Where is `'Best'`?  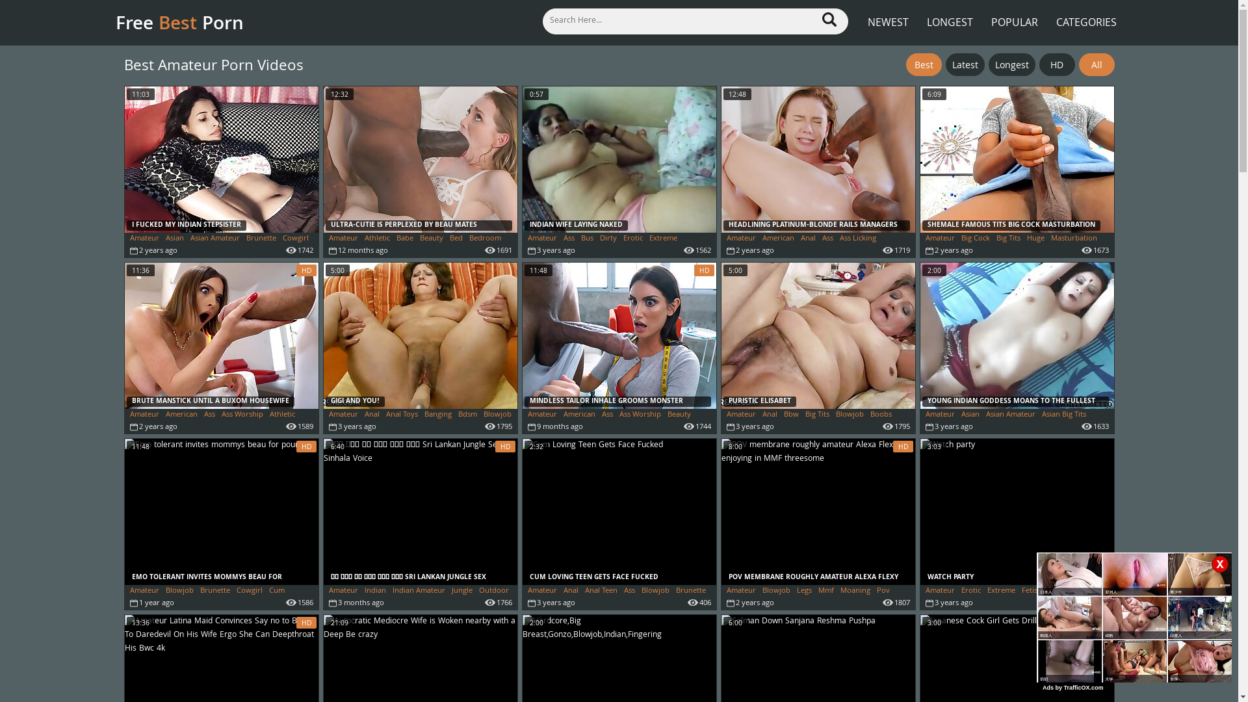 'Best' is located at coordinates (905, 64).